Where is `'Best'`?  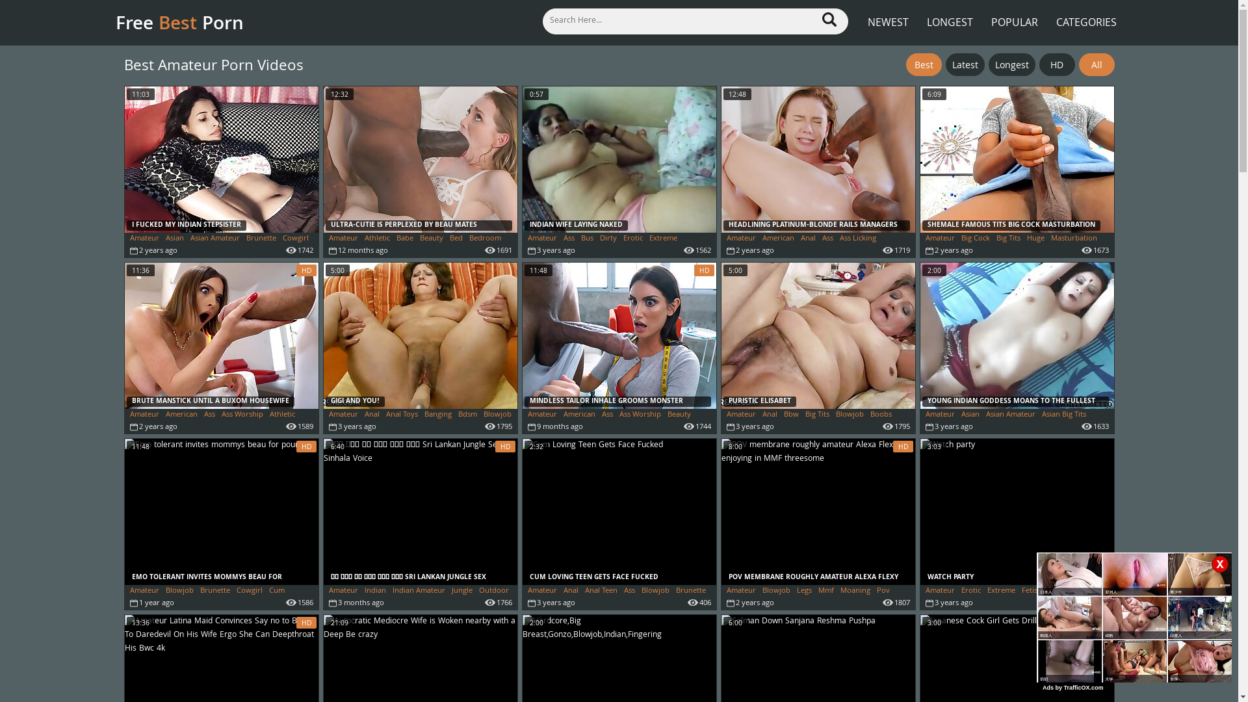 'Best' is located at coordinates (905, 64).